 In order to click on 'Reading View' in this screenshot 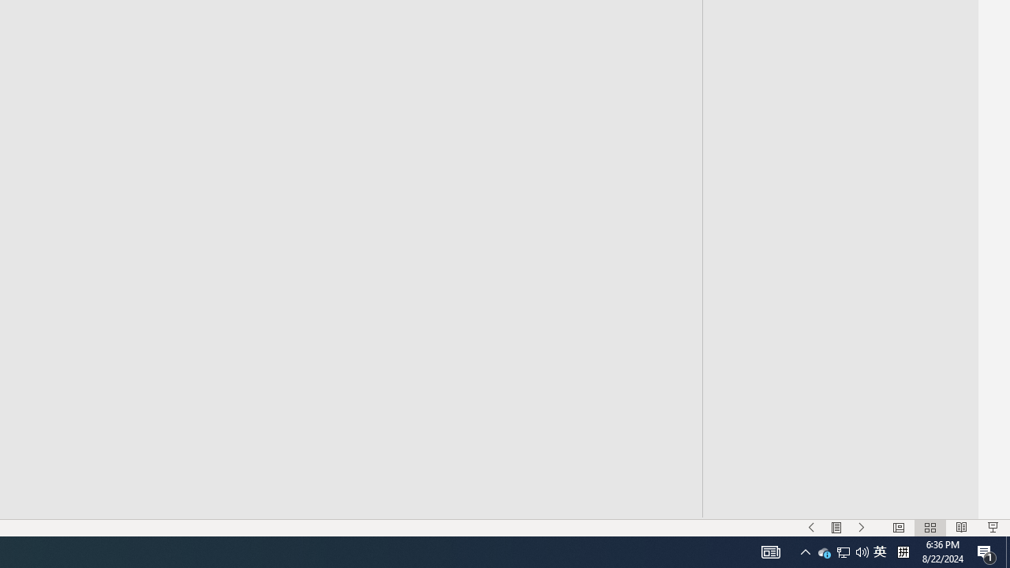, I will do `click(961, 528)`.